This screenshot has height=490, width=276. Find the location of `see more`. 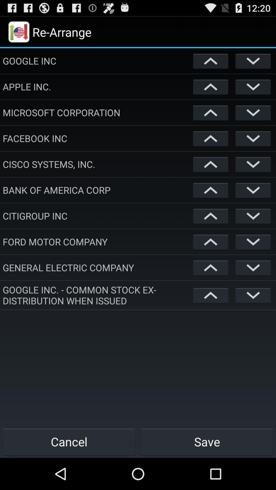

see more is located at coordinates (253, 216).